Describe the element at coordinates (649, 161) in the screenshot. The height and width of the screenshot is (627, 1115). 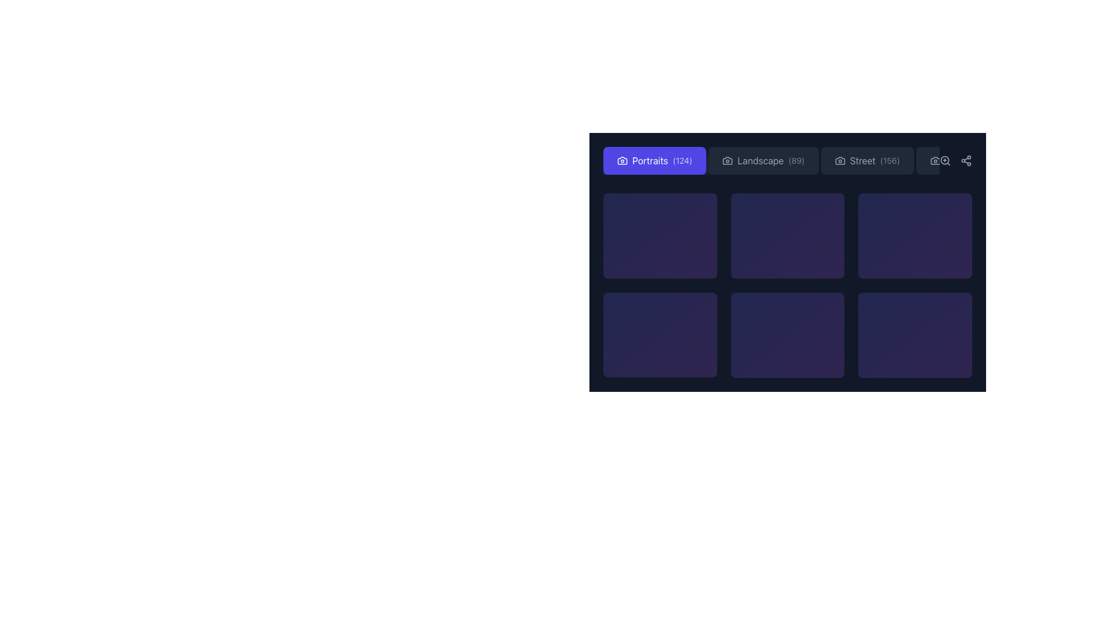
I see `the 'Portraits' text label within the button that includes a camera icon on the left and a count '(124)' on the right` at that location.